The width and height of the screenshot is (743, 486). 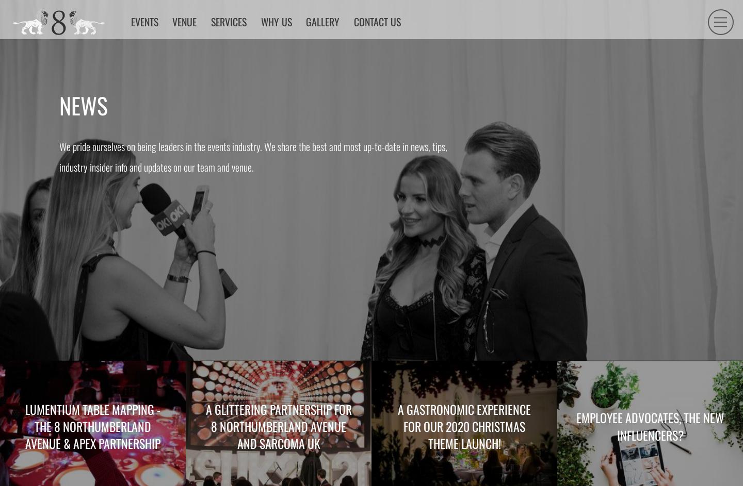 I want to click on 'Why us', so click(x=322, y=48).